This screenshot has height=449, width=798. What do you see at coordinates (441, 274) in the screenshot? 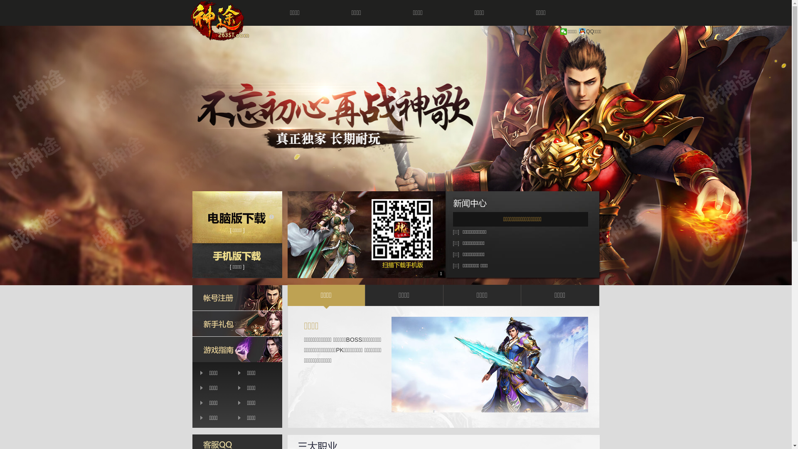
I see `'1'` at bounding box center [441, 274].